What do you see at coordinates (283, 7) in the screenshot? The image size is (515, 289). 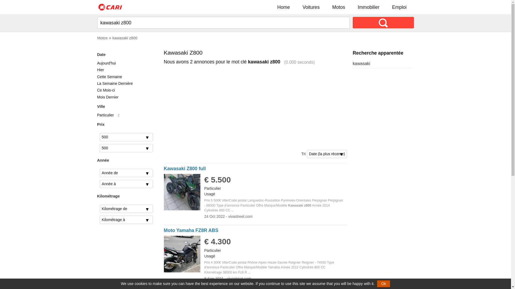 I see `'Home'` at bounding box center [283, 7].